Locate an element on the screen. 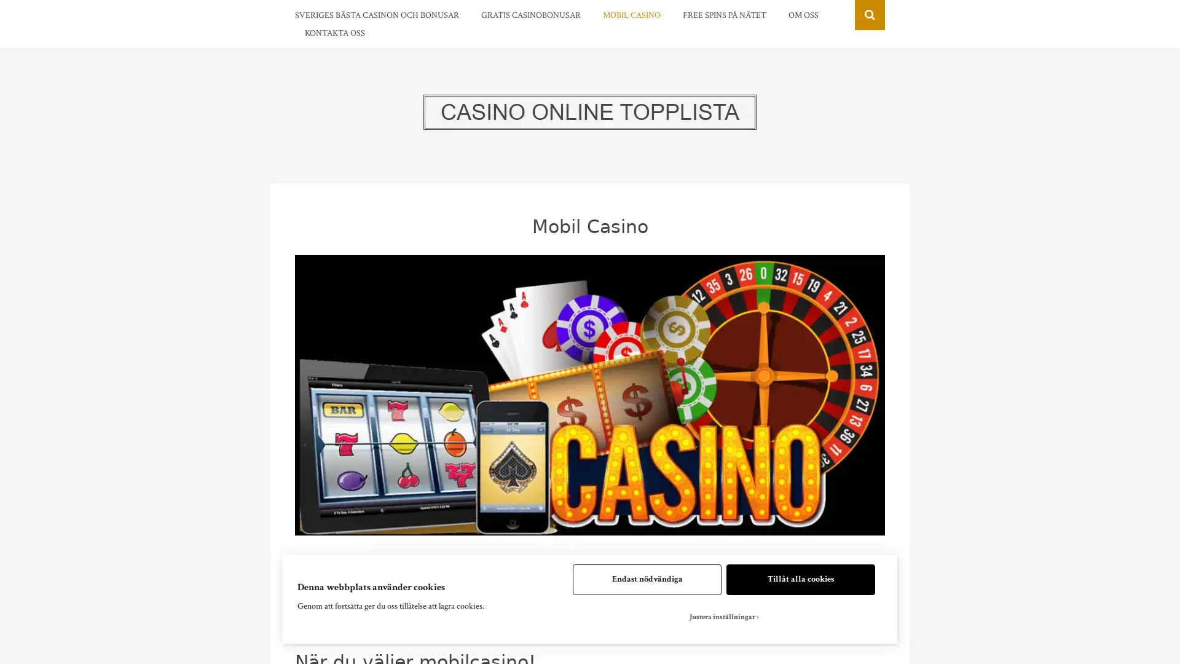 The image size is (1180, 664). Endast nodvandiga is located at coordinates (646, 579).